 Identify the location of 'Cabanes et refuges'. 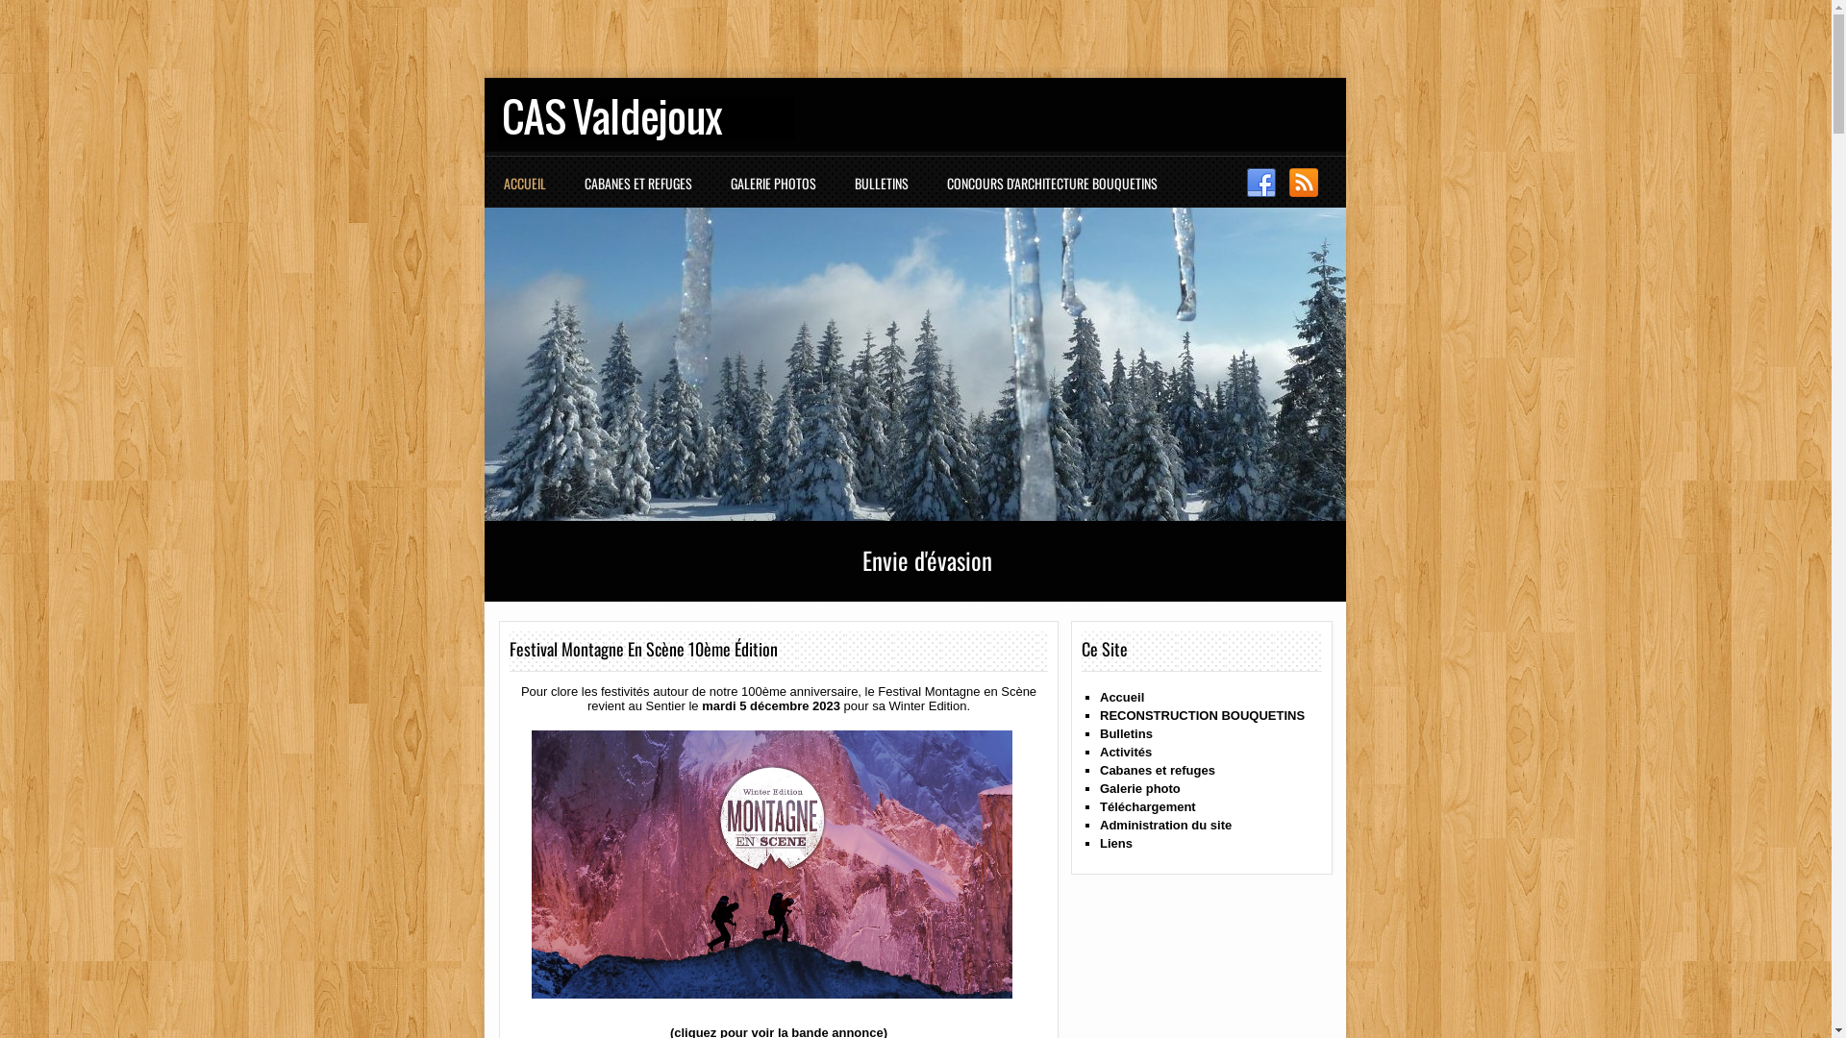
(1157, 769).